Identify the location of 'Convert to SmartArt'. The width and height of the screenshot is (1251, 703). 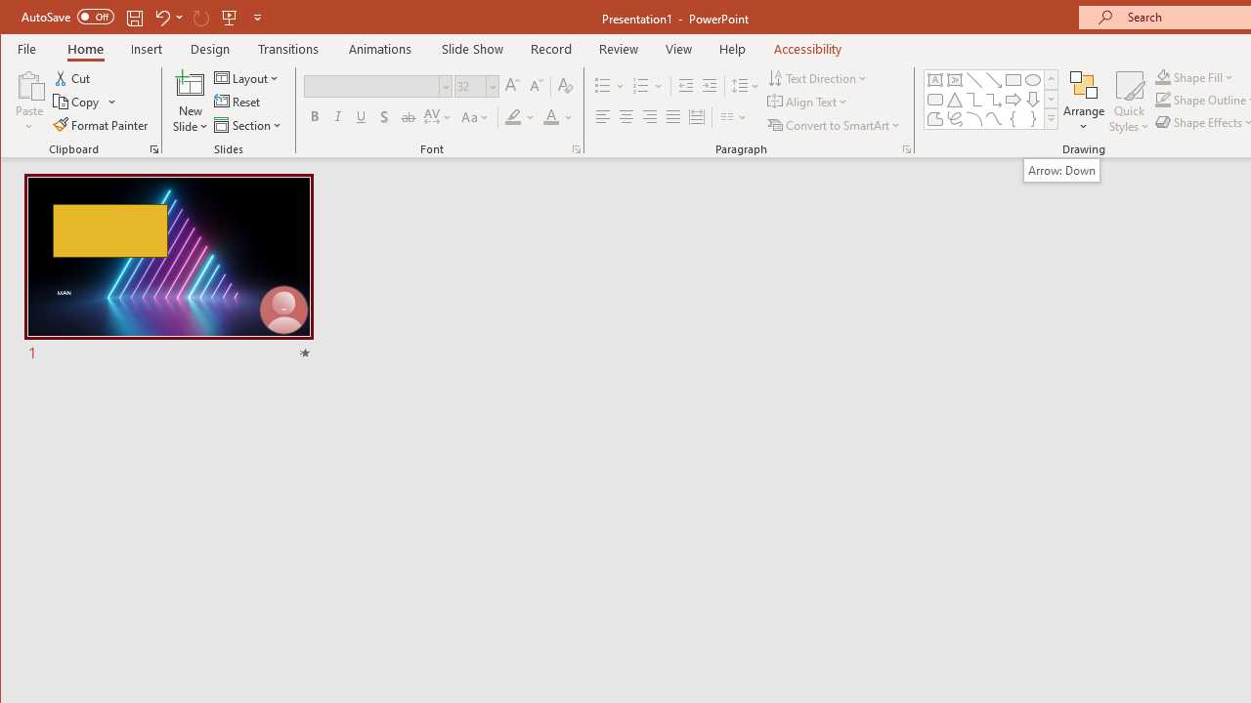
(836, 125).